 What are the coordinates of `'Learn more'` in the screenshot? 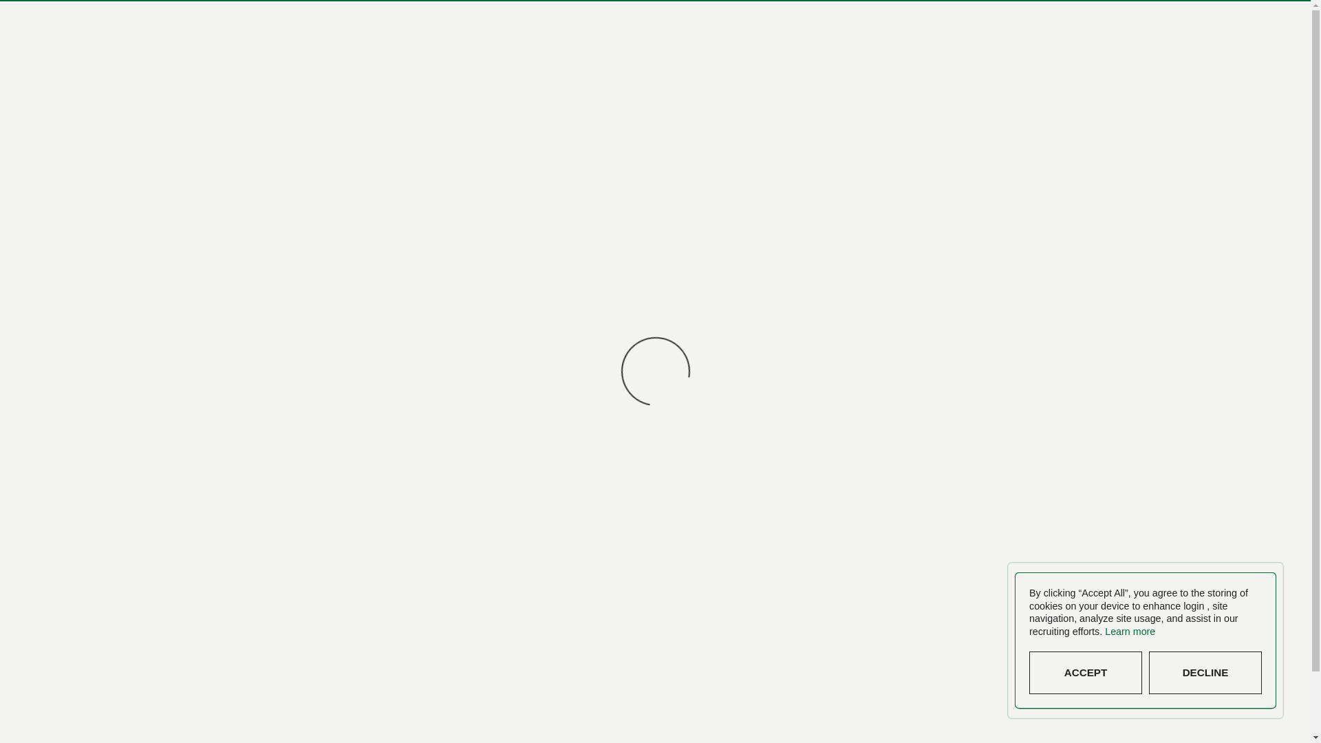 It's located at (1183, 632).